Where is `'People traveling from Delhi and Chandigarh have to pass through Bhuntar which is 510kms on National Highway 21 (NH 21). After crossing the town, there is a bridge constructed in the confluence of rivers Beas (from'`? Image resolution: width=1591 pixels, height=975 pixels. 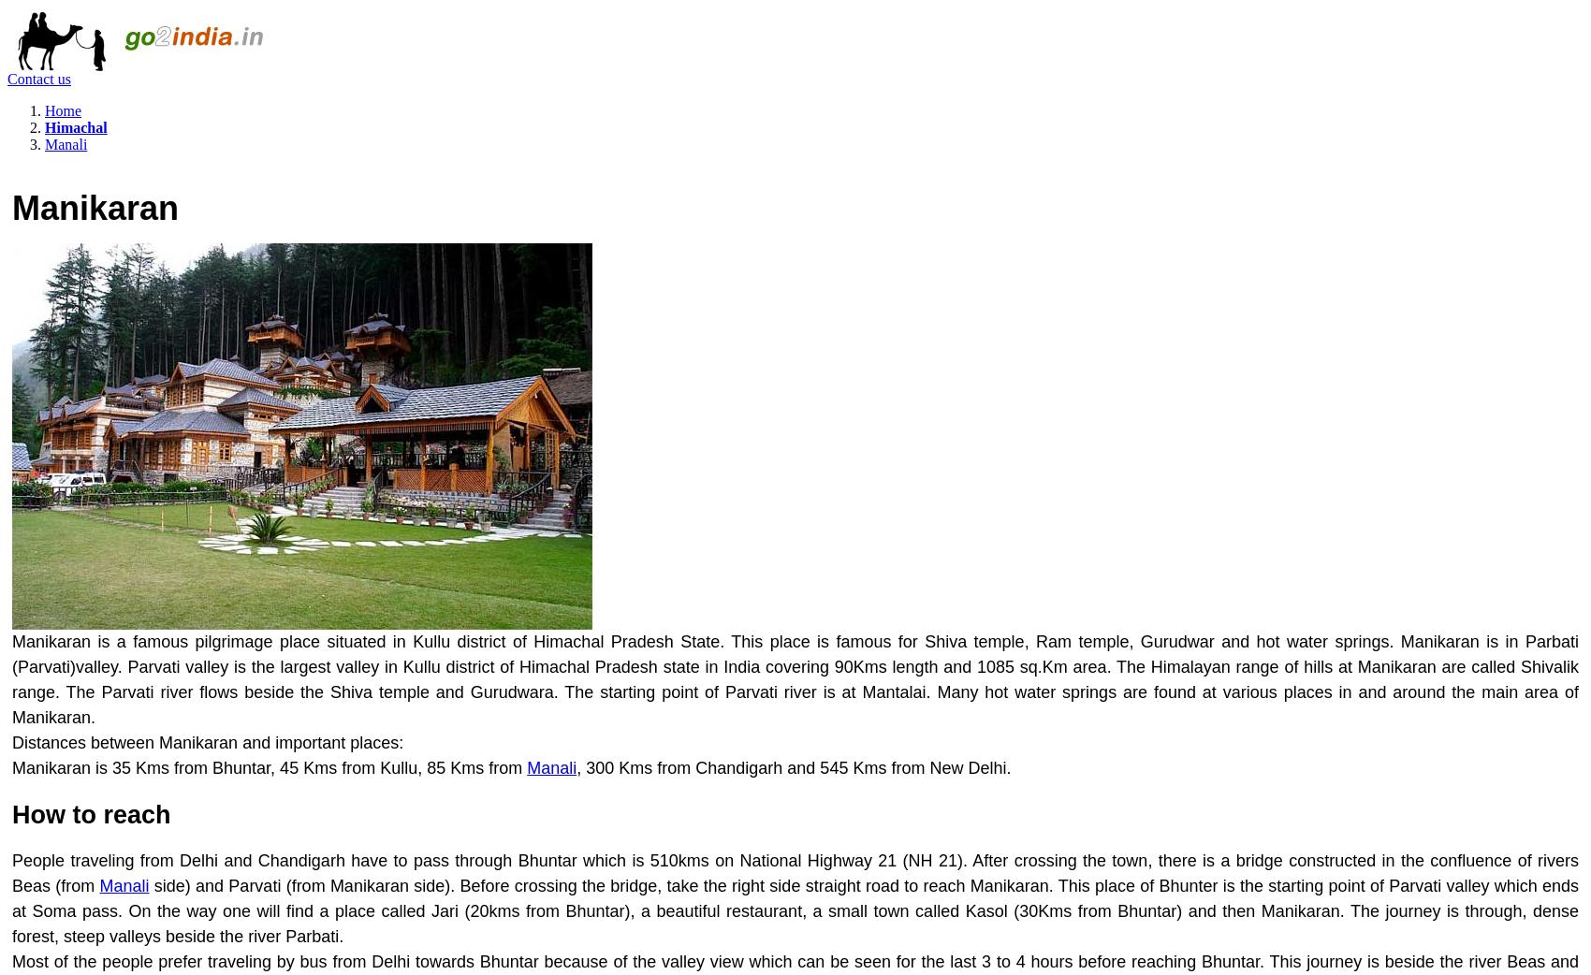
'People traveling from Delhi and Chandigarh have to pass through Bhuntar which is 510kms on National Highway 21 (NH 21). After crossing the town, there is a bridge constructed in the confluence of rivers Beas (from' is located at coordinates (795, 872).